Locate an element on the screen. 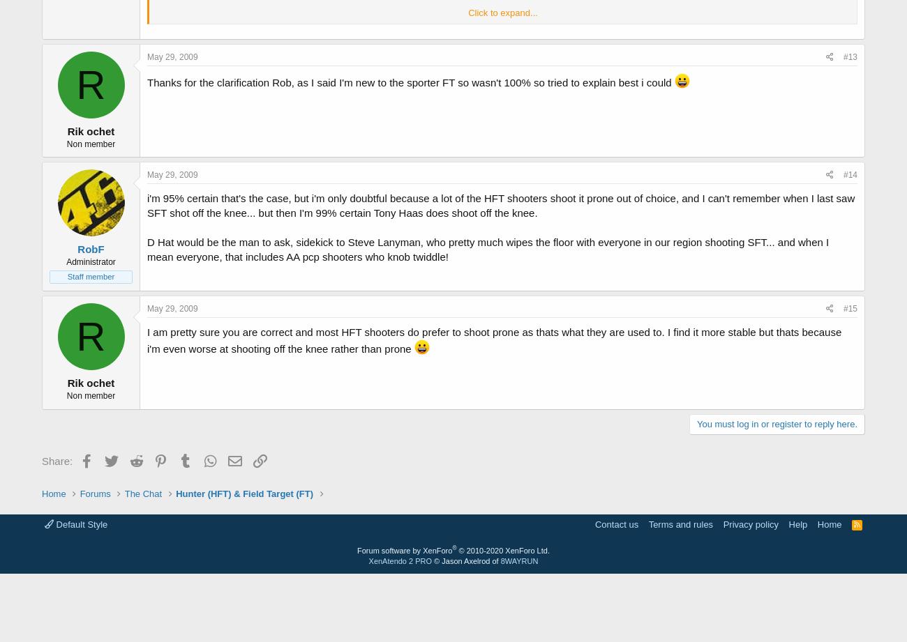 The image size is (907, 642). 'Staff member' is located at coordinates (66, 276).